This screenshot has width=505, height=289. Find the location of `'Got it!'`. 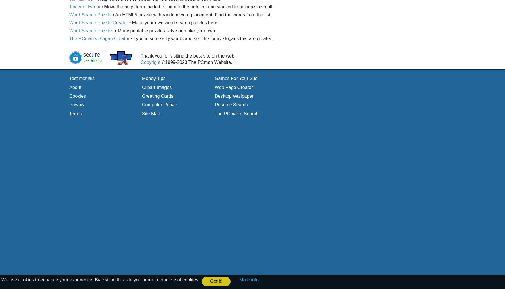

'Got it!' is located at coordinates (210, 281).